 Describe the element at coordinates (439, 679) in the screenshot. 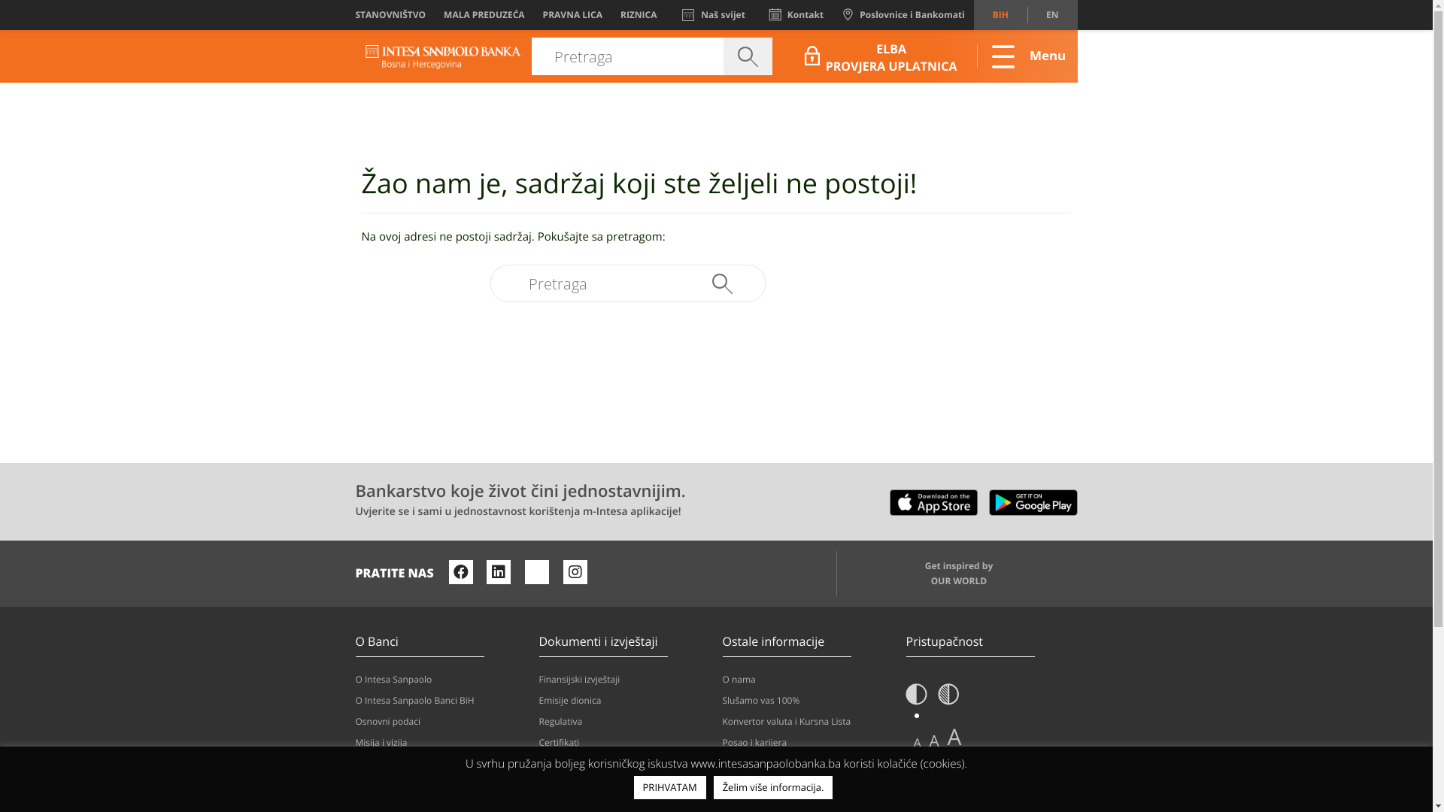

I see `'O Intesa Sanpaolo'` at that location.